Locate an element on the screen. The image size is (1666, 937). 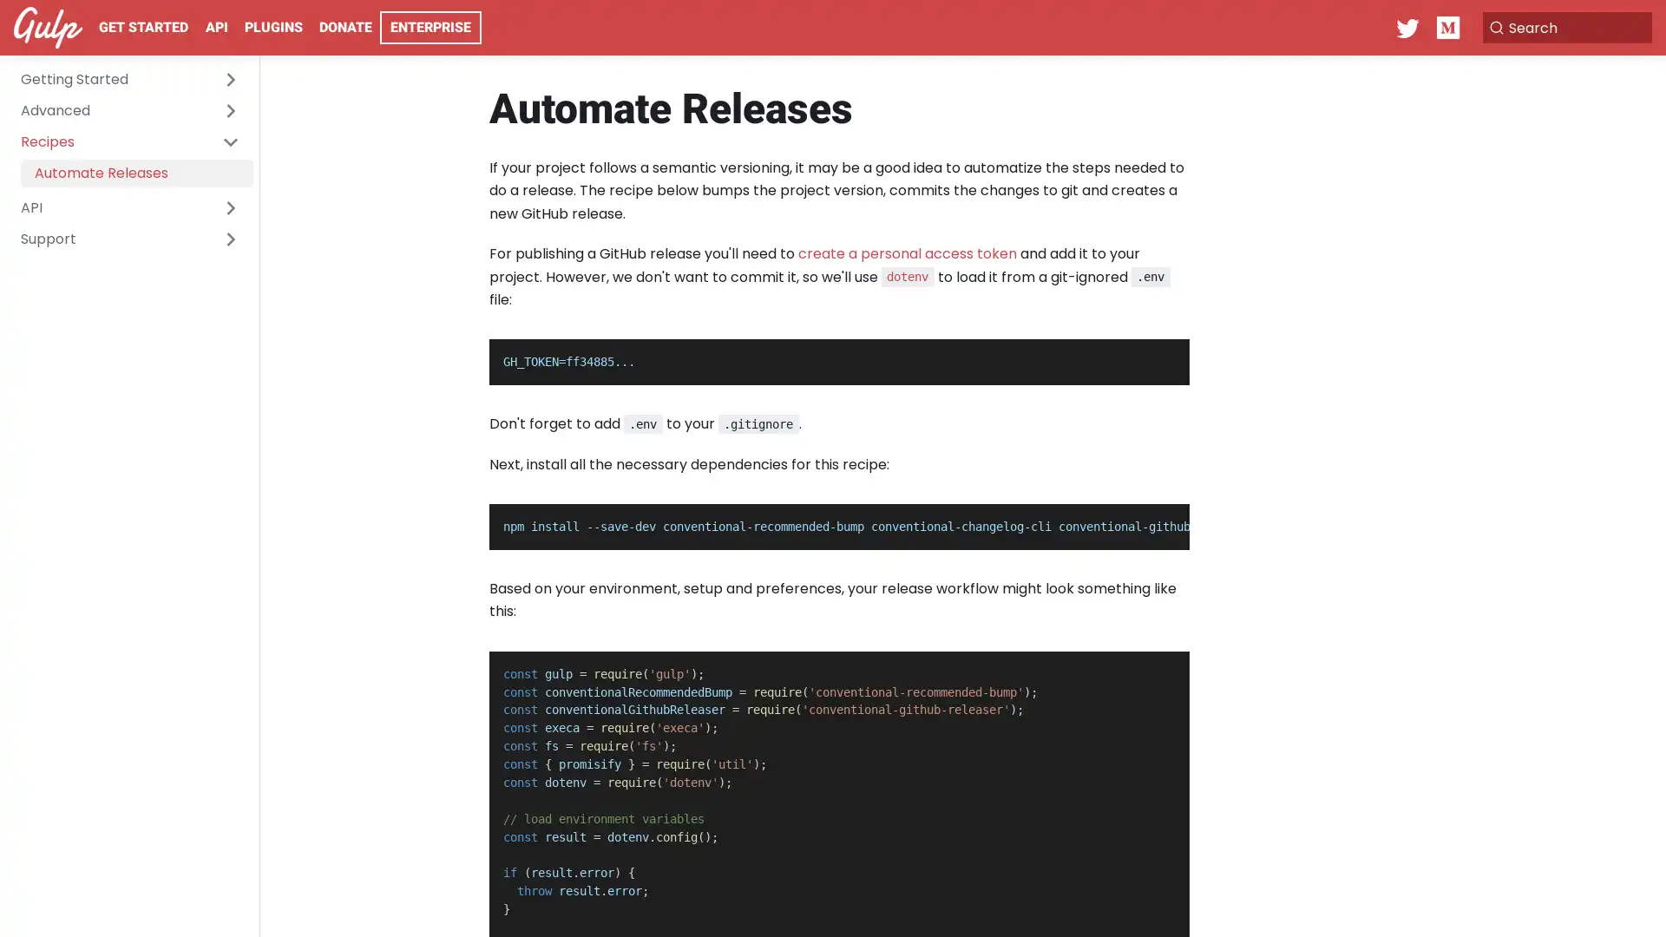
Search is located at coordinates (1565, 27).